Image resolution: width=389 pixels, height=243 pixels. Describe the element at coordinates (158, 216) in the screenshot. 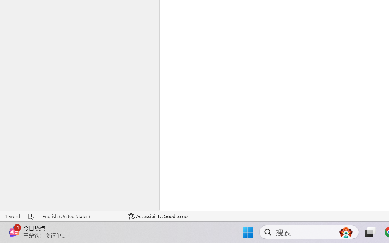

I see `'Accessibility Checker Accessibility: Good to go'` at that location.